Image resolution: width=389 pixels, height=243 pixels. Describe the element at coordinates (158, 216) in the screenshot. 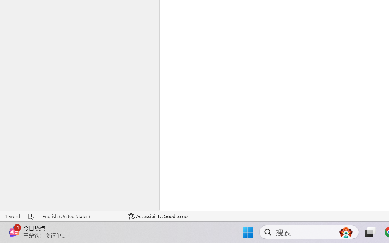

I see `'Accessibility Checker Accessibility: Good to go'` at that location.